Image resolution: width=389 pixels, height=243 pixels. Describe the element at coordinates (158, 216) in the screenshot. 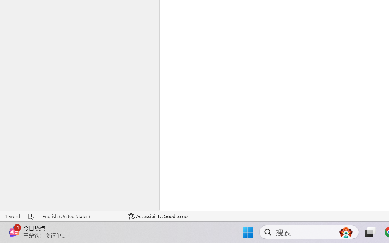

I see `'Accessibility Checker Accessibility: Good to go'` at that location.